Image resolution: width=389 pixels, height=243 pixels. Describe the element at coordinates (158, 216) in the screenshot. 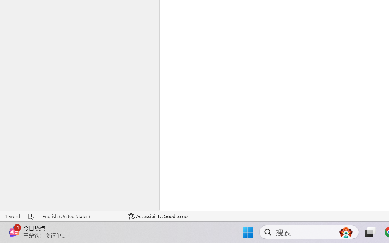

I see `'Accessibility Checker Accessibility: Good to go'` at that location.